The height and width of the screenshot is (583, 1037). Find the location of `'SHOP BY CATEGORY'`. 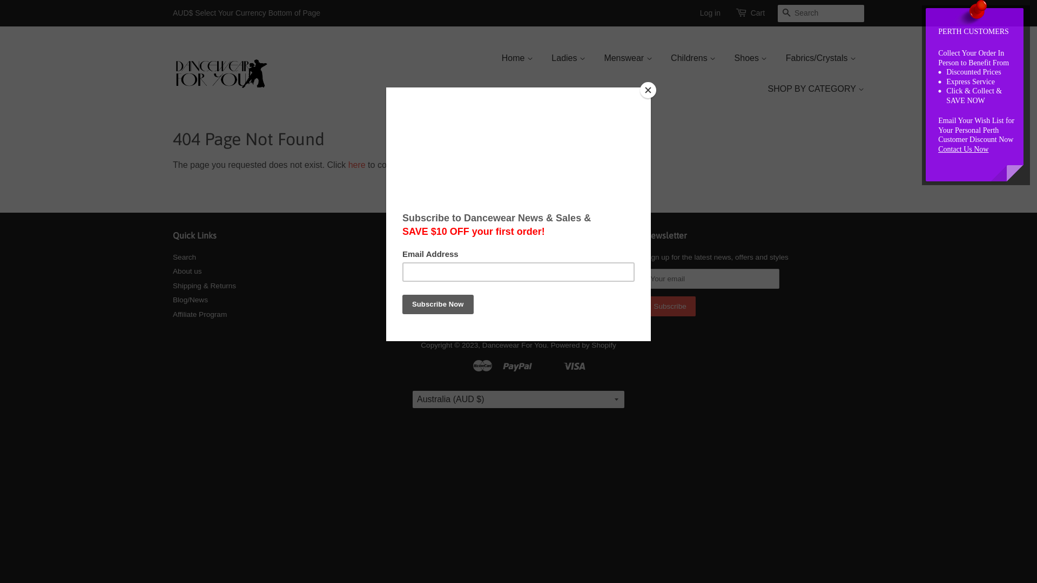

'SHOP BY CATEGORY' is located at coordinates (811, 88).